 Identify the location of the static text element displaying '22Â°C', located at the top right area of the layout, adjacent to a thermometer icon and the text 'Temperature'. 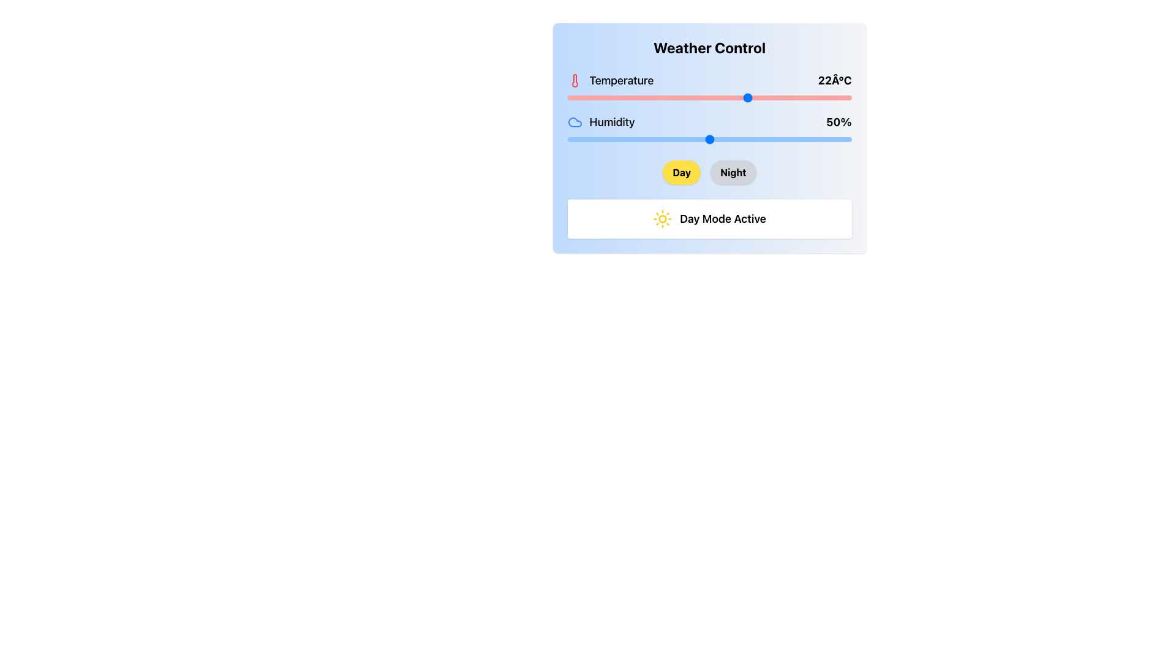
(834, 80).